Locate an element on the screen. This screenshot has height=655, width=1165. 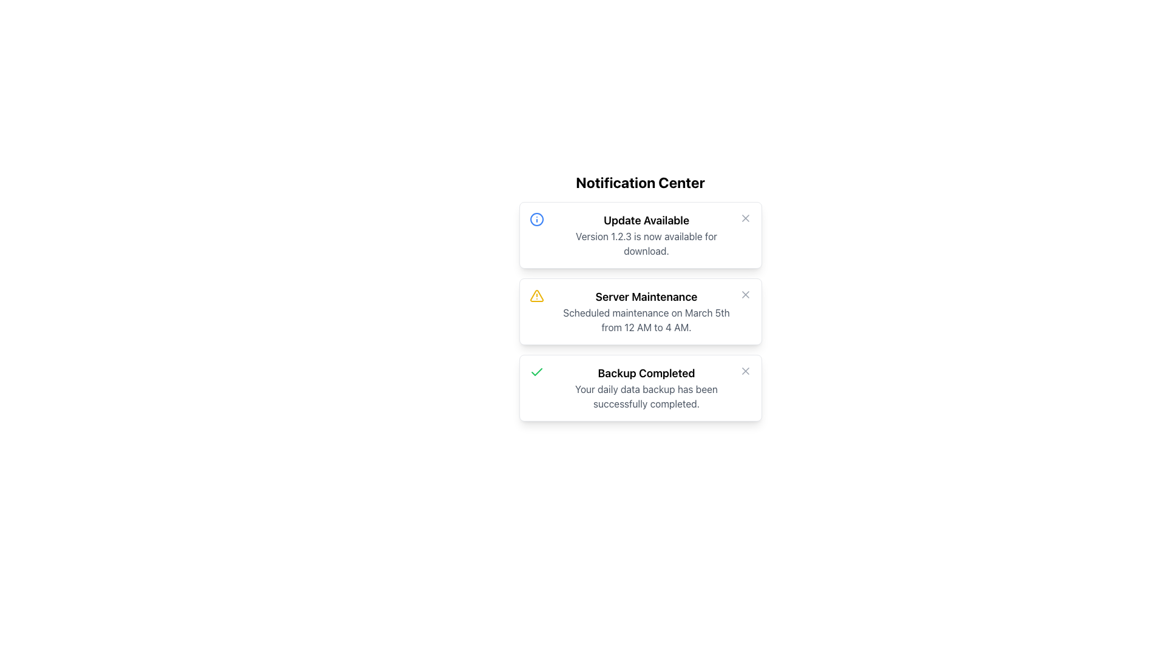
detailed information from the 'Server Maintenance' text label located in the notification center, positioned below the title 'Server Maintenance' is located at coordinates (646, 320).